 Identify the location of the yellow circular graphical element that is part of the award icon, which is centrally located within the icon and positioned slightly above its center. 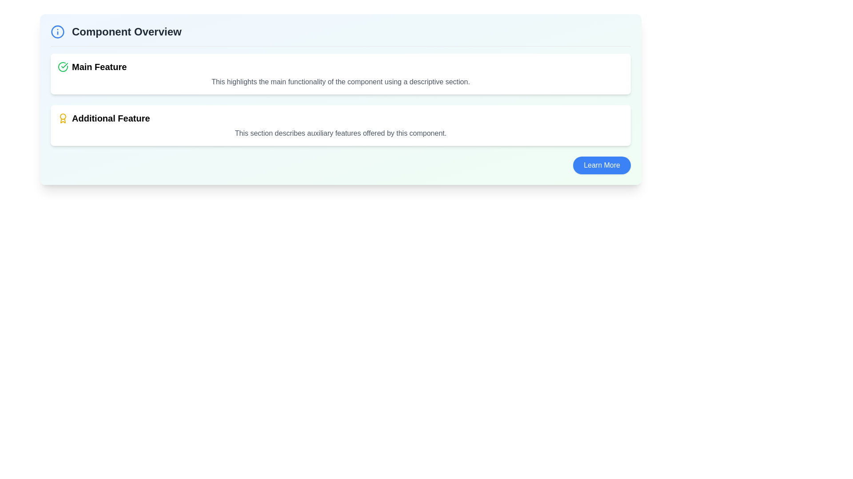
(63, 116).